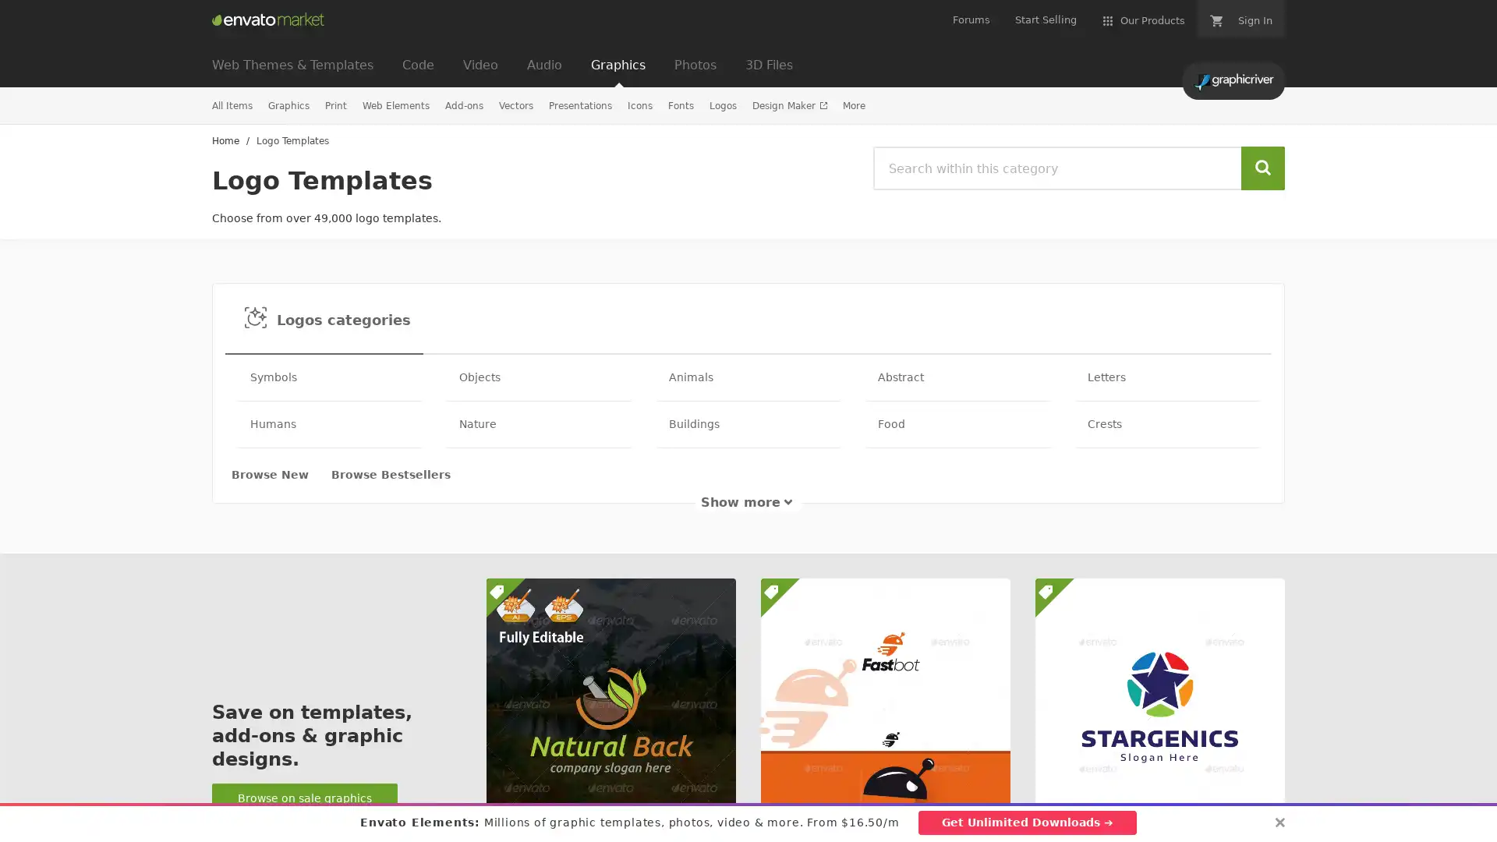 The width and height of the screenshot is (1497, 842). What do you see at coordinates (1223, 805) in the screenshot?
I see `Add to collection` at bounding box center [1223, 805].